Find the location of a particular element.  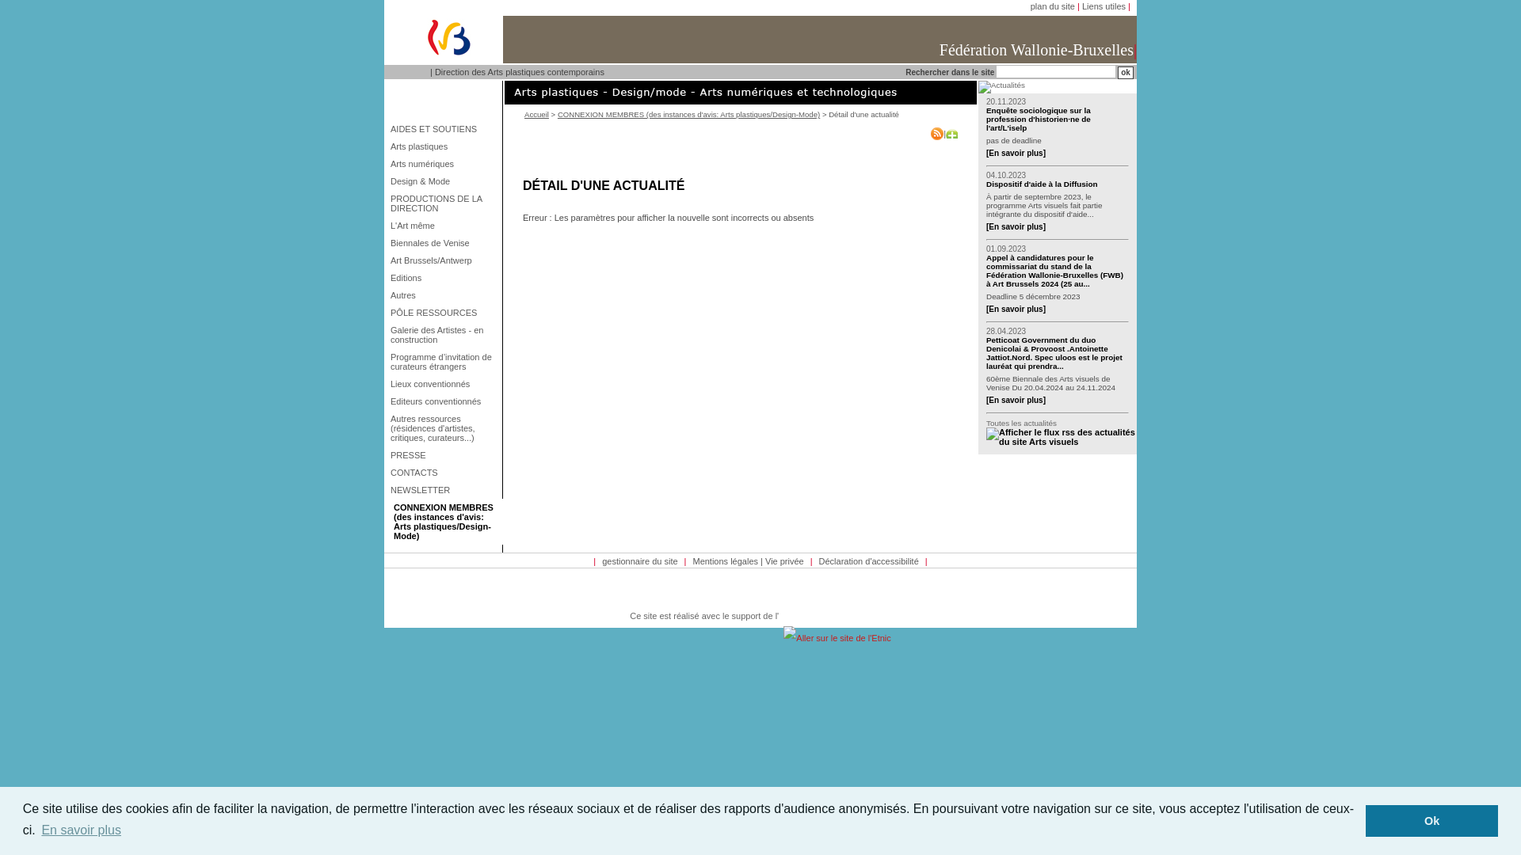

'[En savoir plus]' is located at coordinates (985, 309).